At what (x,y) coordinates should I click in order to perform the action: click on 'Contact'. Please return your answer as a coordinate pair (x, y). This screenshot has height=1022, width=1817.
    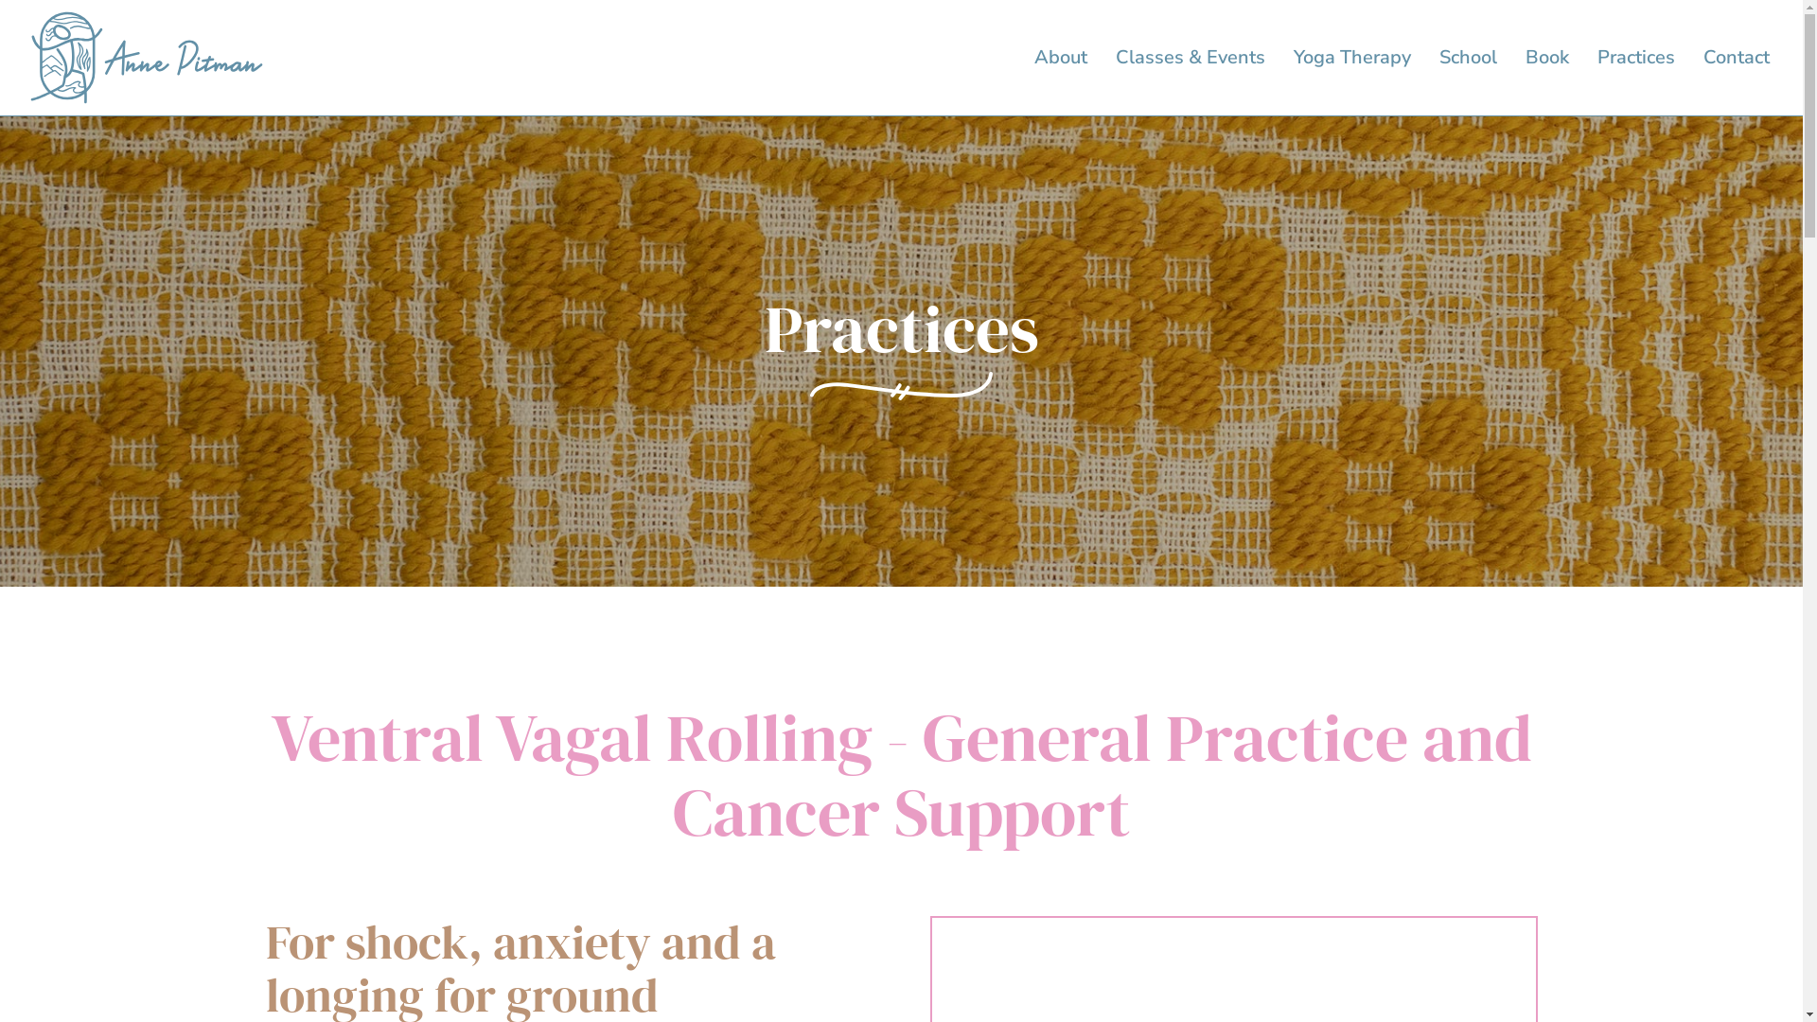
    Looking at the image, I should click on (1736, 57).